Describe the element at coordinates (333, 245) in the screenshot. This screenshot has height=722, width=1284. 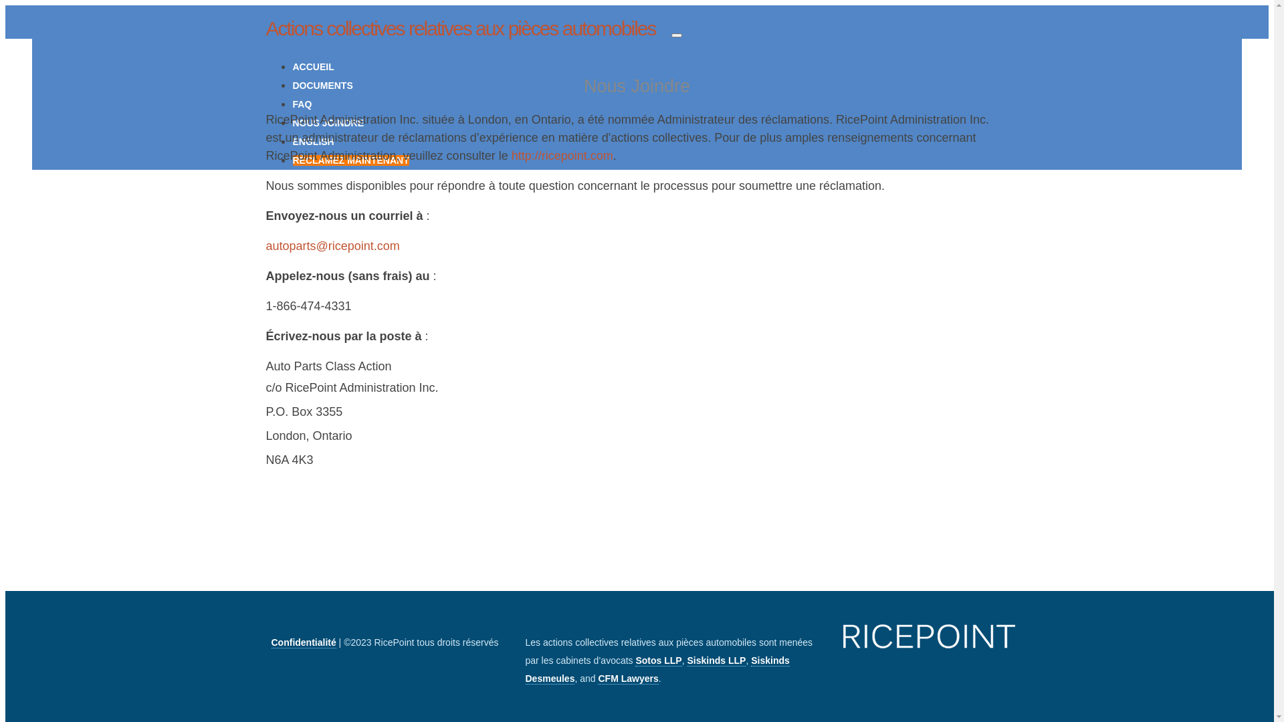
I see `'autoparts@ricepoint.com'` at that location.